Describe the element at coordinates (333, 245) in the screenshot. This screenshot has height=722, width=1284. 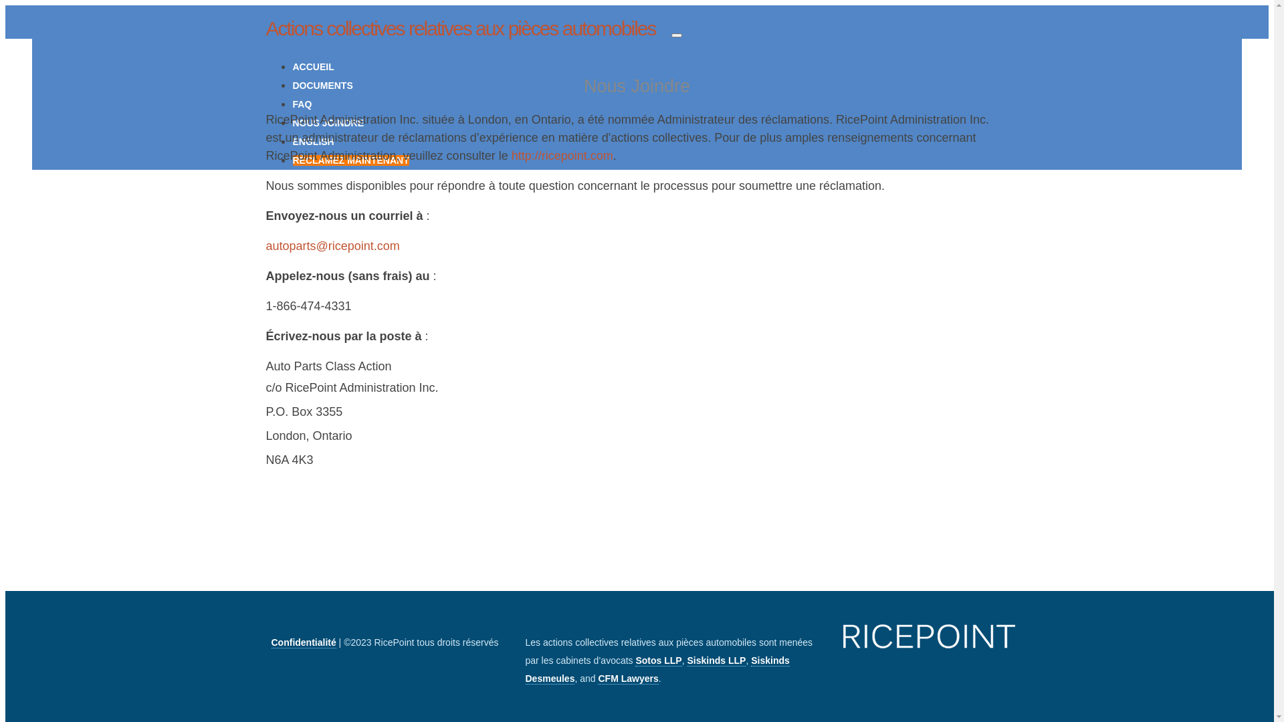
I see `'autoparts@ricepoint.com'` at that location.